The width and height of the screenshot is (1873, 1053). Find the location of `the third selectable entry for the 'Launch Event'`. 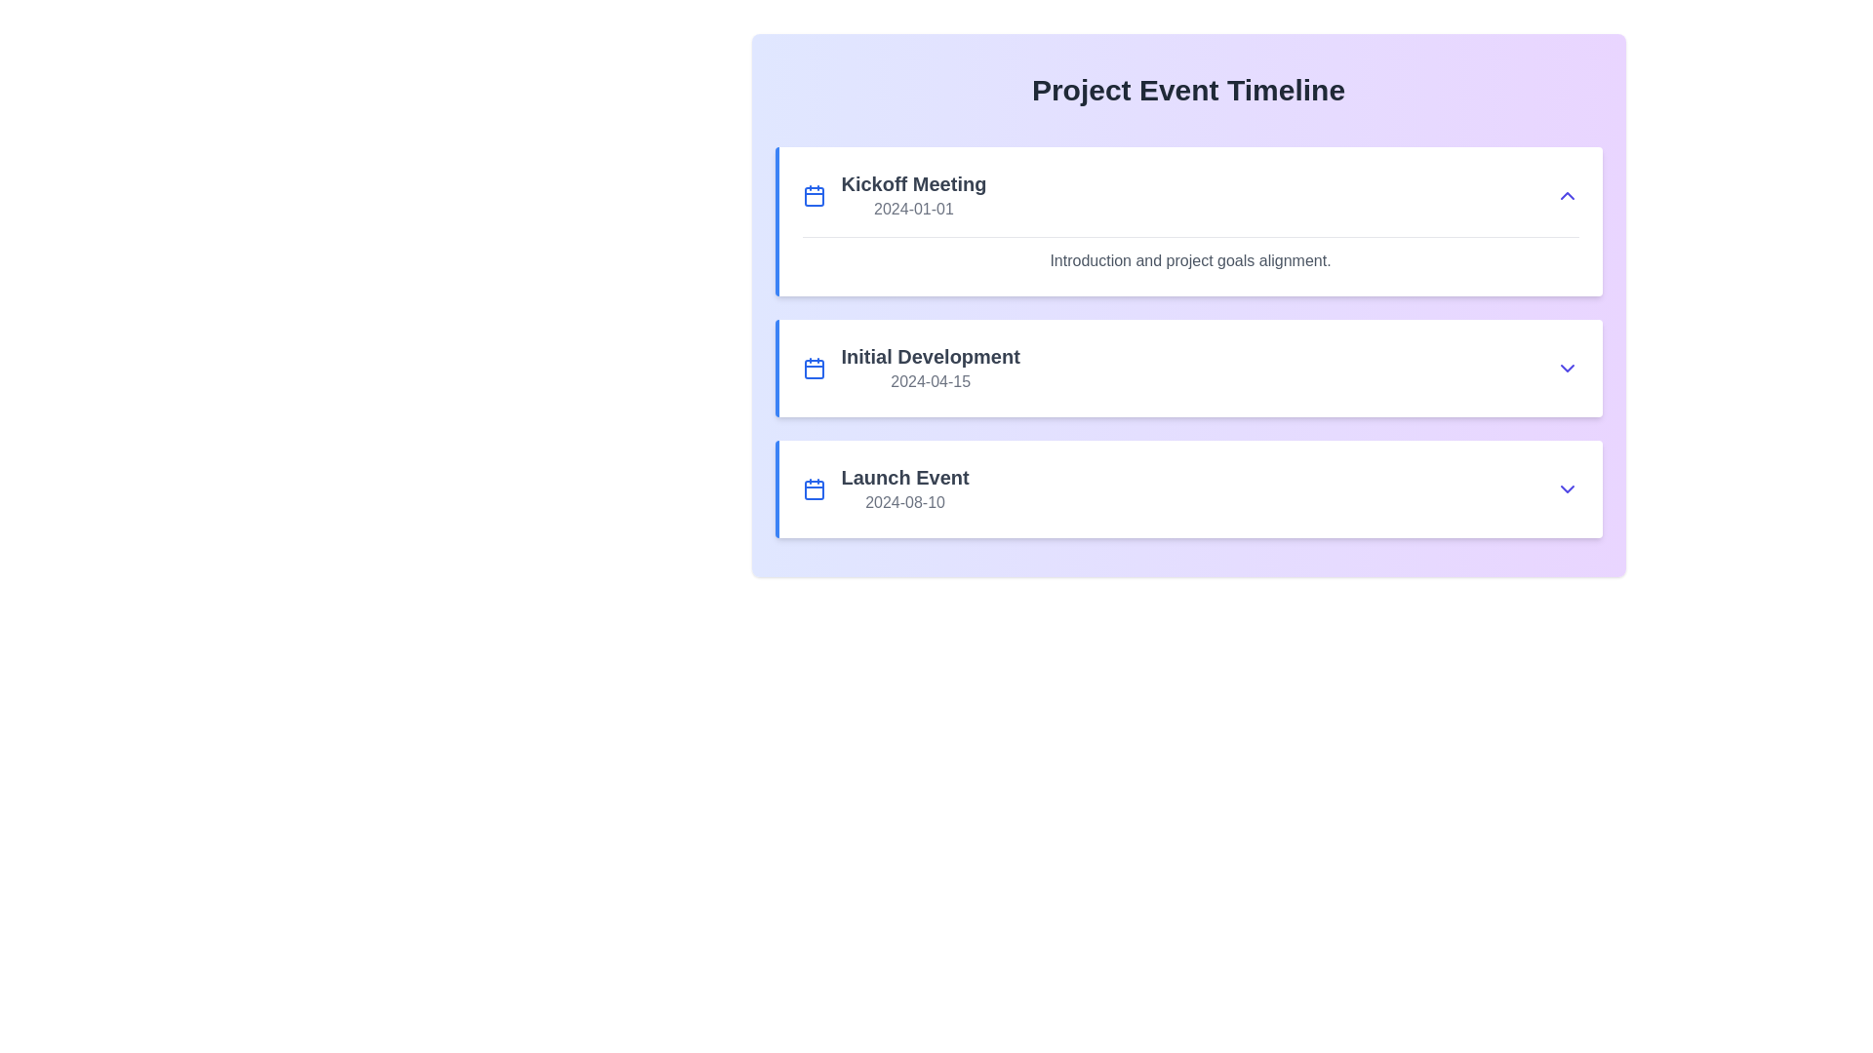

the third selectable entry for the 'Launch Event' is located at coordinates (885, 487).